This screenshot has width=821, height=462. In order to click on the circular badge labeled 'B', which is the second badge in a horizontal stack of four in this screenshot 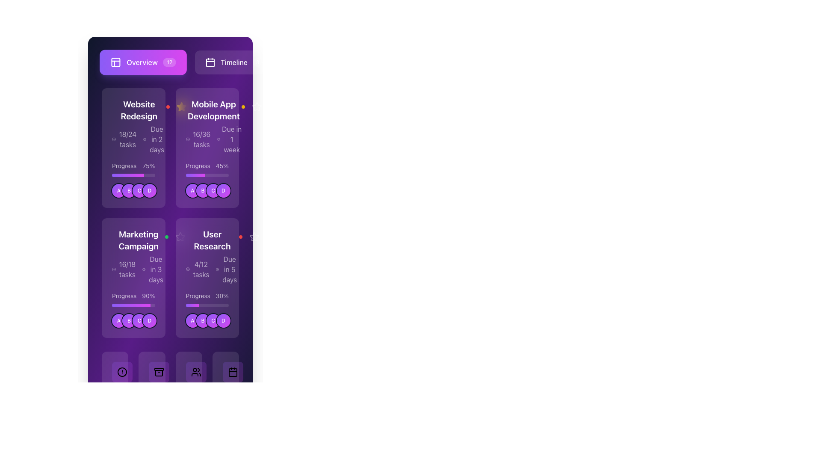, I will do `click(202, 190)`.